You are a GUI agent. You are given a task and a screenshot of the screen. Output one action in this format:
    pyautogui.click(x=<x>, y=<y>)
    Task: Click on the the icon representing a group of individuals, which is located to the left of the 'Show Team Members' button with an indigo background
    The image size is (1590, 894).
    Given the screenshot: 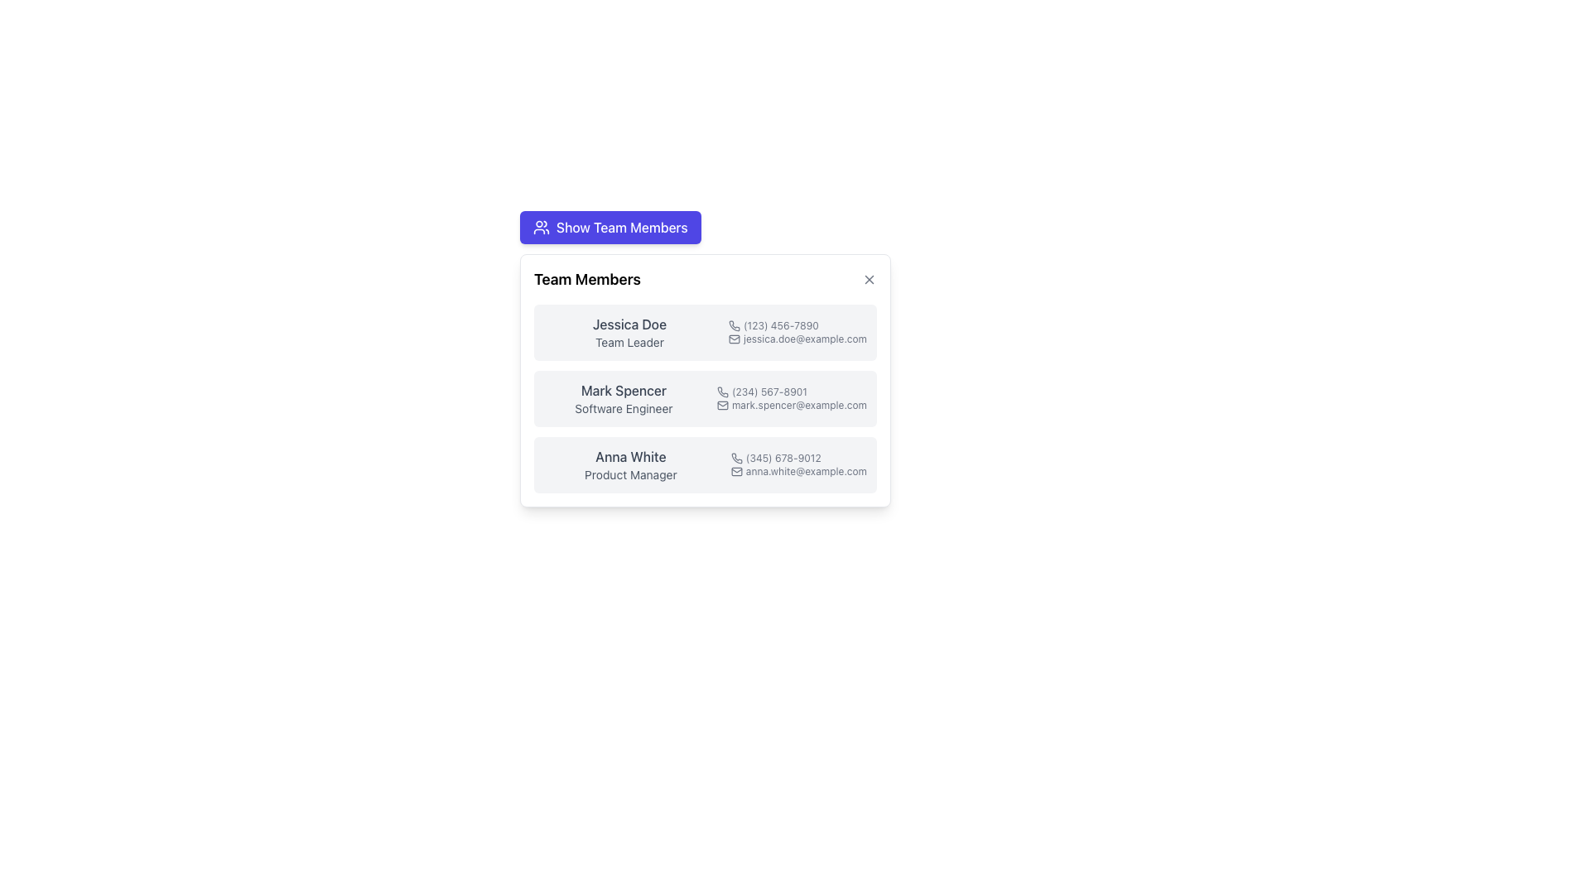 What is the action you would take?
    pyautogui.click(x=541, y=227)
    